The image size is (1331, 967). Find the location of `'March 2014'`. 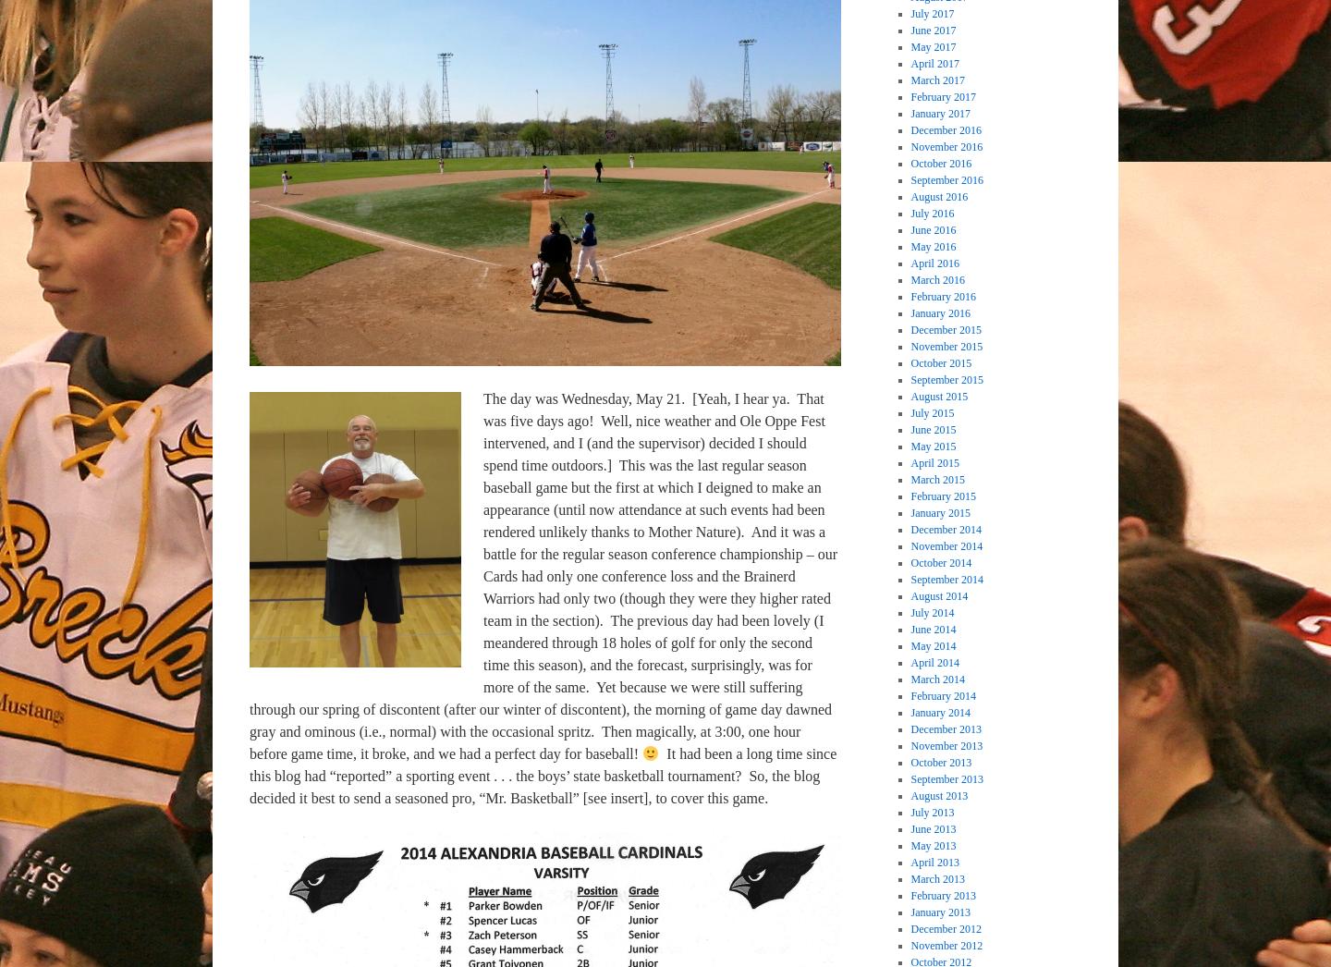

'March 2014' is located at coordinates (936, 677).